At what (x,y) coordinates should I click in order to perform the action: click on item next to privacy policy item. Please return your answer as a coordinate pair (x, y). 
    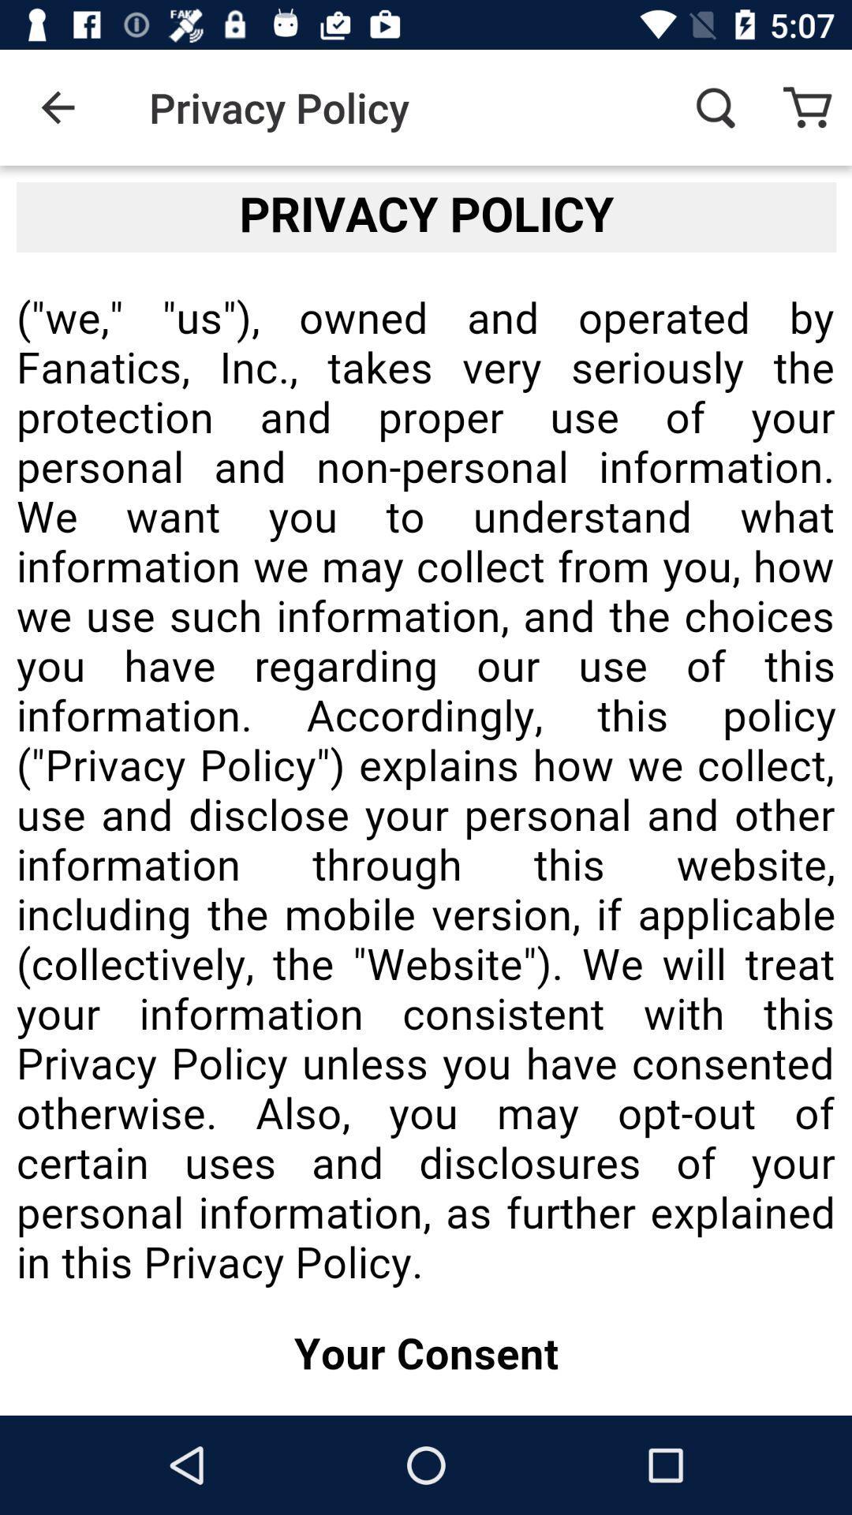
    Looking at the image, I should click on (715, 107).